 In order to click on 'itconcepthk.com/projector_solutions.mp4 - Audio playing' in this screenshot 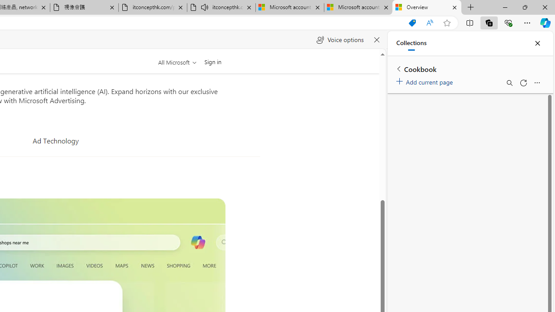, I will do `click(221, 7)`.